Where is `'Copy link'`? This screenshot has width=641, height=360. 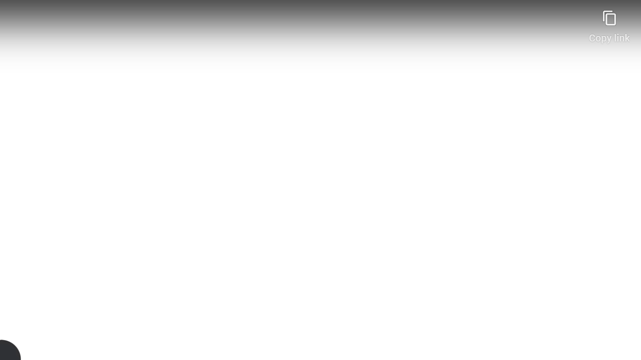
'Copy link' is located at coordinates (608, 22).